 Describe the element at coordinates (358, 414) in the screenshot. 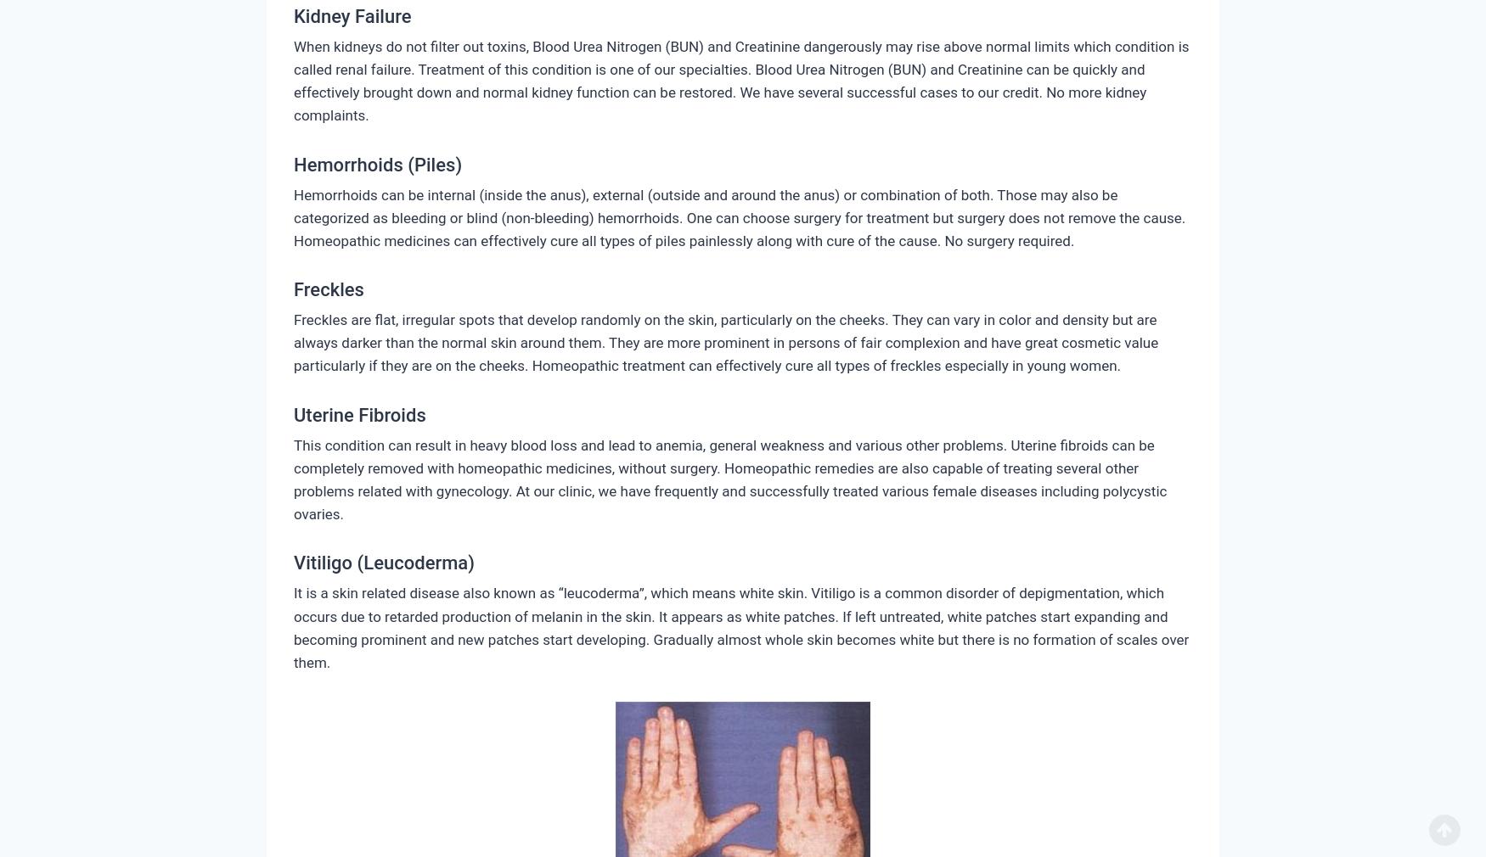

I see `'Uterine Fibroids'` at that location.